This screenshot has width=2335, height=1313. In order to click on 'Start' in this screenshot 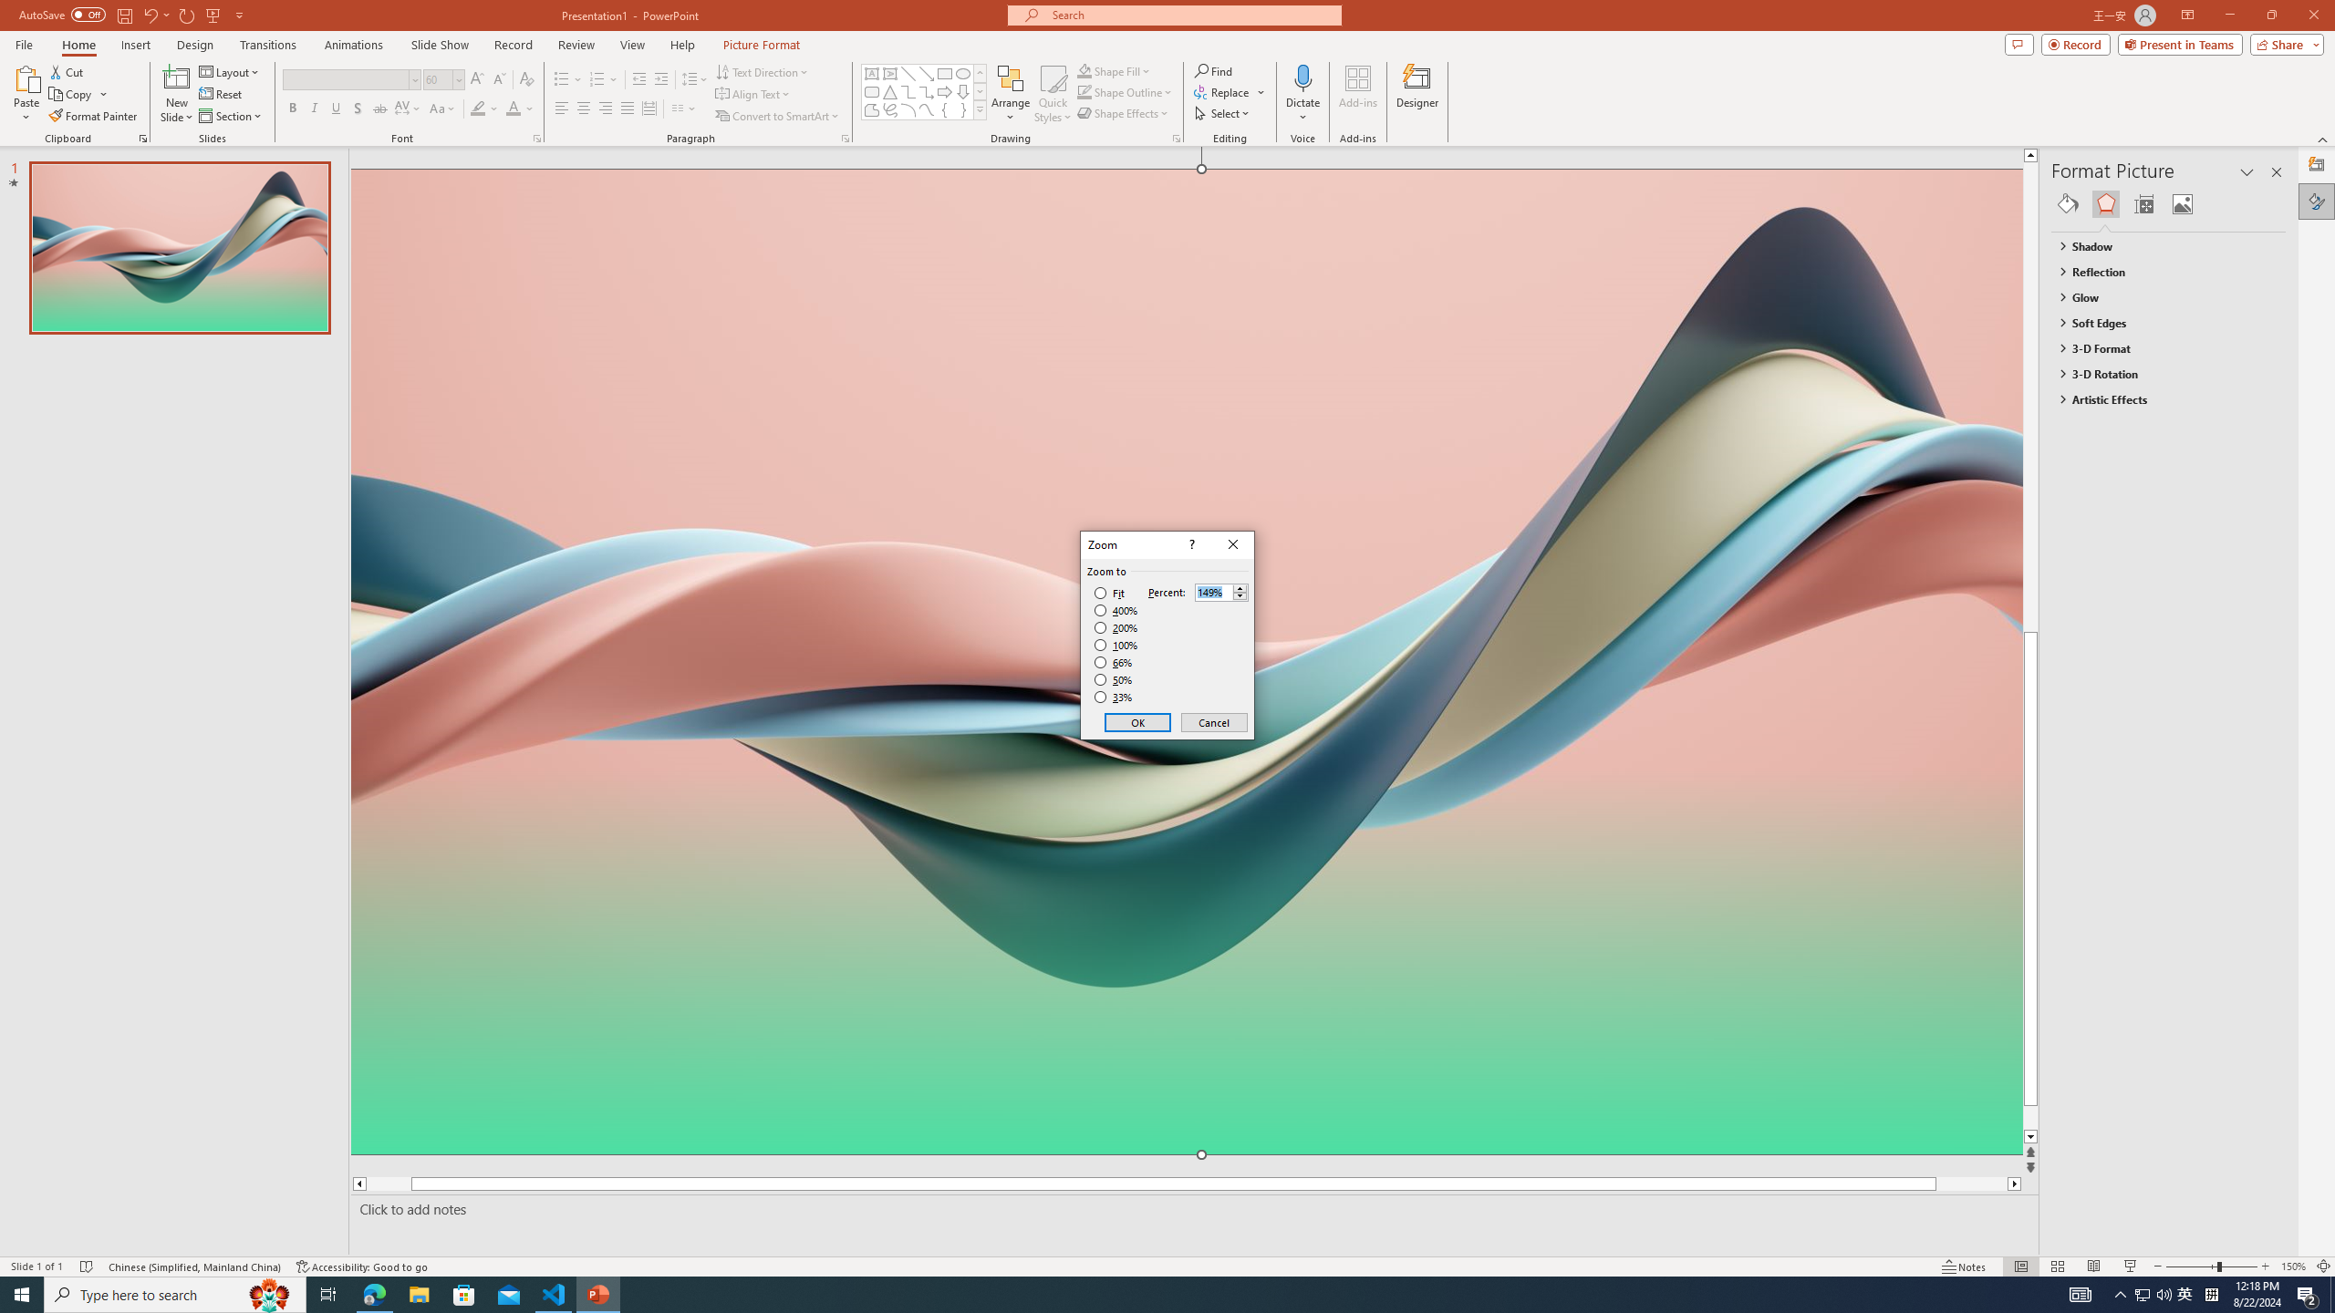, I will do `click(22, 1293)`.